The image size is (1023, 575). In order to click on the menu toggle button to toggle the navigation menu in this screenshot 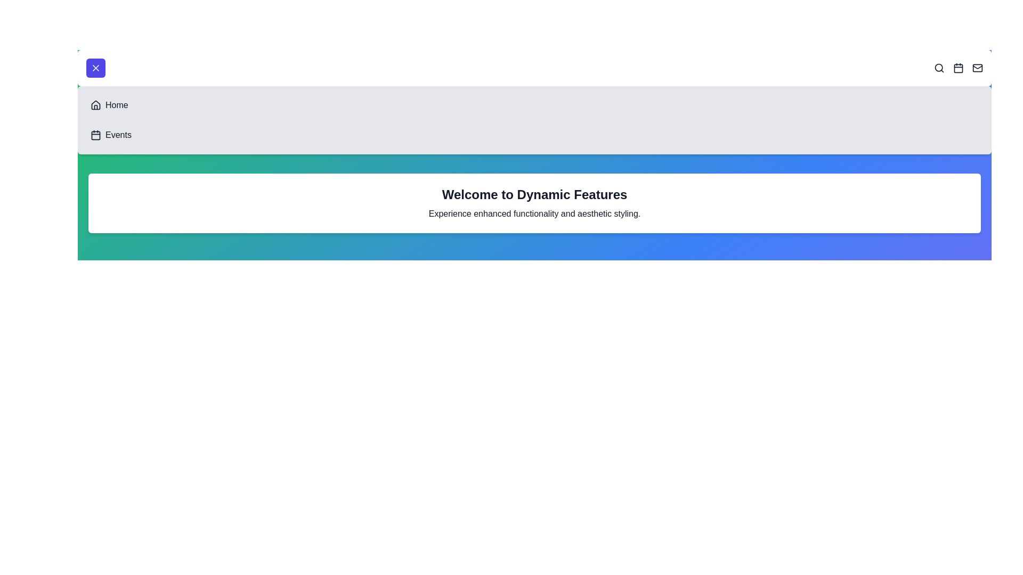, I will do `click(96, 68)`.